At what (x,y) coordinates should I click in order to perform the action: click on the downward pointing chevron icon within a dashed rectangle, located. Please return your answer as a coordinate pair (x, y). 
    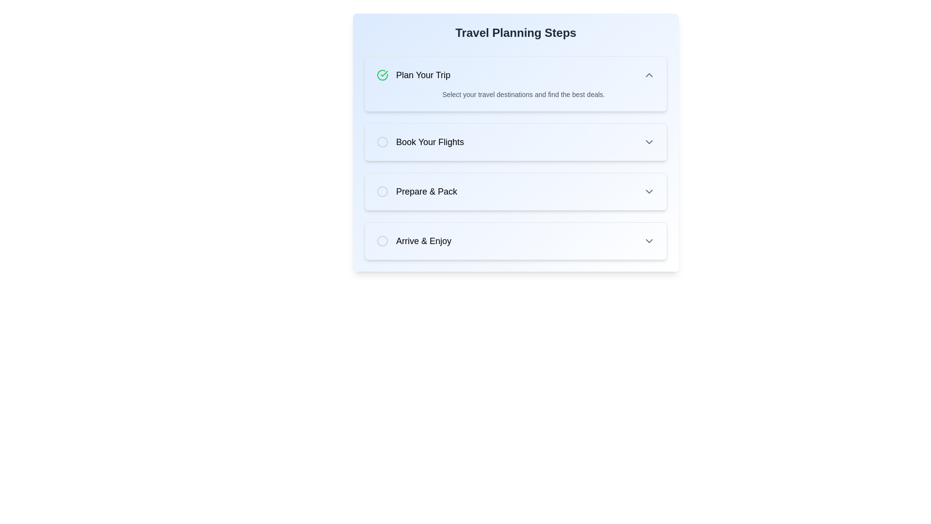
    Looking at the image, I should click on (649, 142).